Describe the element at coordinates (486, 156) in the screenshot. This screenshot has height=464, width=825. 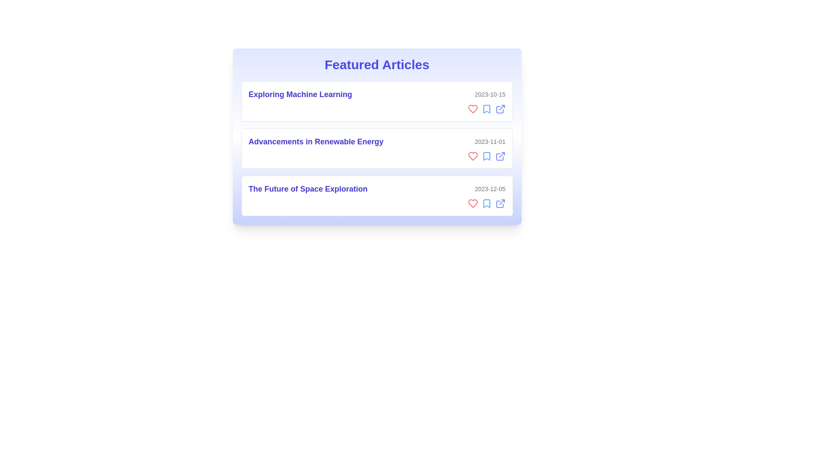
I see `bookmark icon for the article titled 'Advancements in Renewable Energy'` at that location.